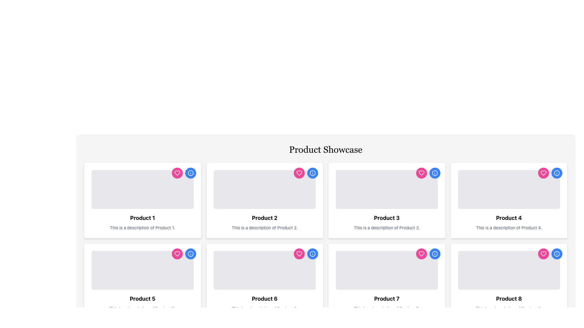 The width and height of the screenshot is (584, 328). Describe the element at coordinates (265, 200) in the screenshot. I see `the second card in the grid layout that has a white background, titled 'Product 2'` at that location.